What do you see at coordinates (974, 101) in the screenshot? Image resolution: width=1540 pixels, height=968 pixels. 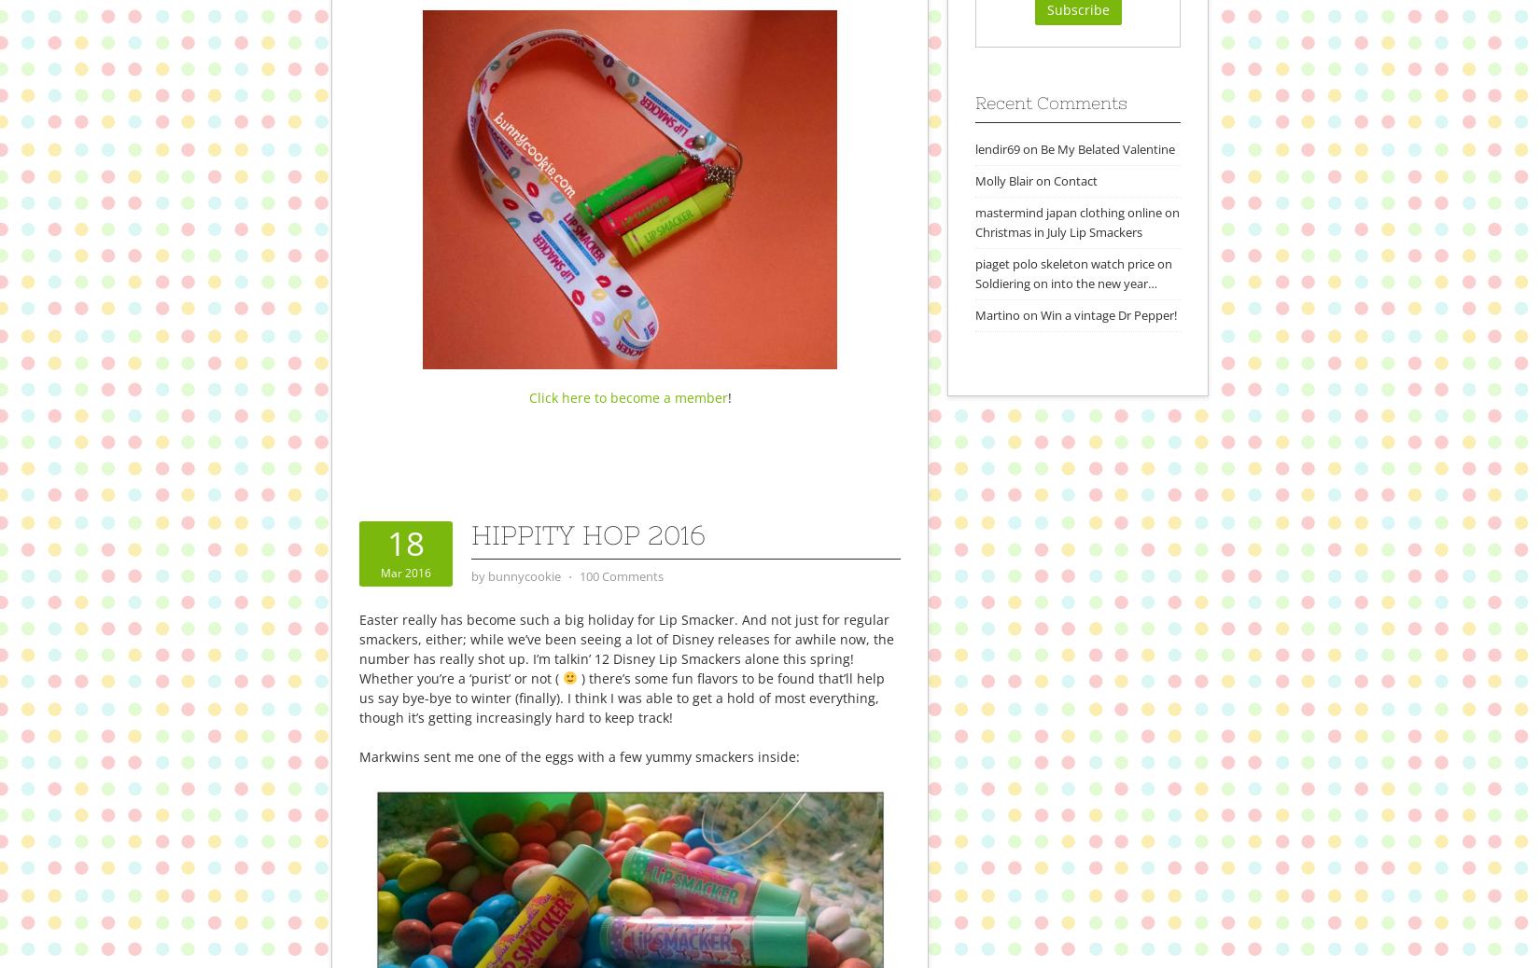 I see `'Recent Comments'` at bounding box center [974, 101].